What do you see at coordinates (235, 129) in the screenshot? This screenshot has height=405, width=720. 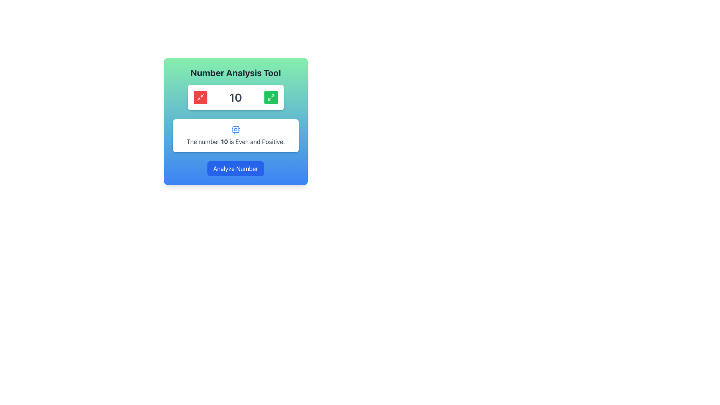 I see `the SVG Rectangle Element, which is a square with rounded corners and a blue outline located slightly below the header with 'Number Analysis Tool'` at bounding box center [235, 129].